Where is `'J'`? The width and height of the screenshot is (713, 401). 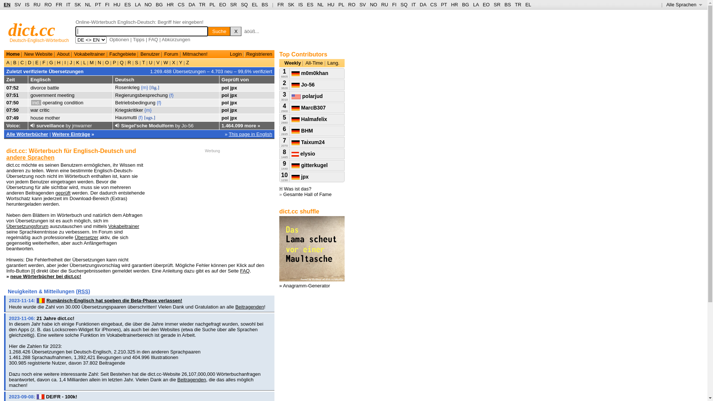 'J' is located at coordinates (71, 62).